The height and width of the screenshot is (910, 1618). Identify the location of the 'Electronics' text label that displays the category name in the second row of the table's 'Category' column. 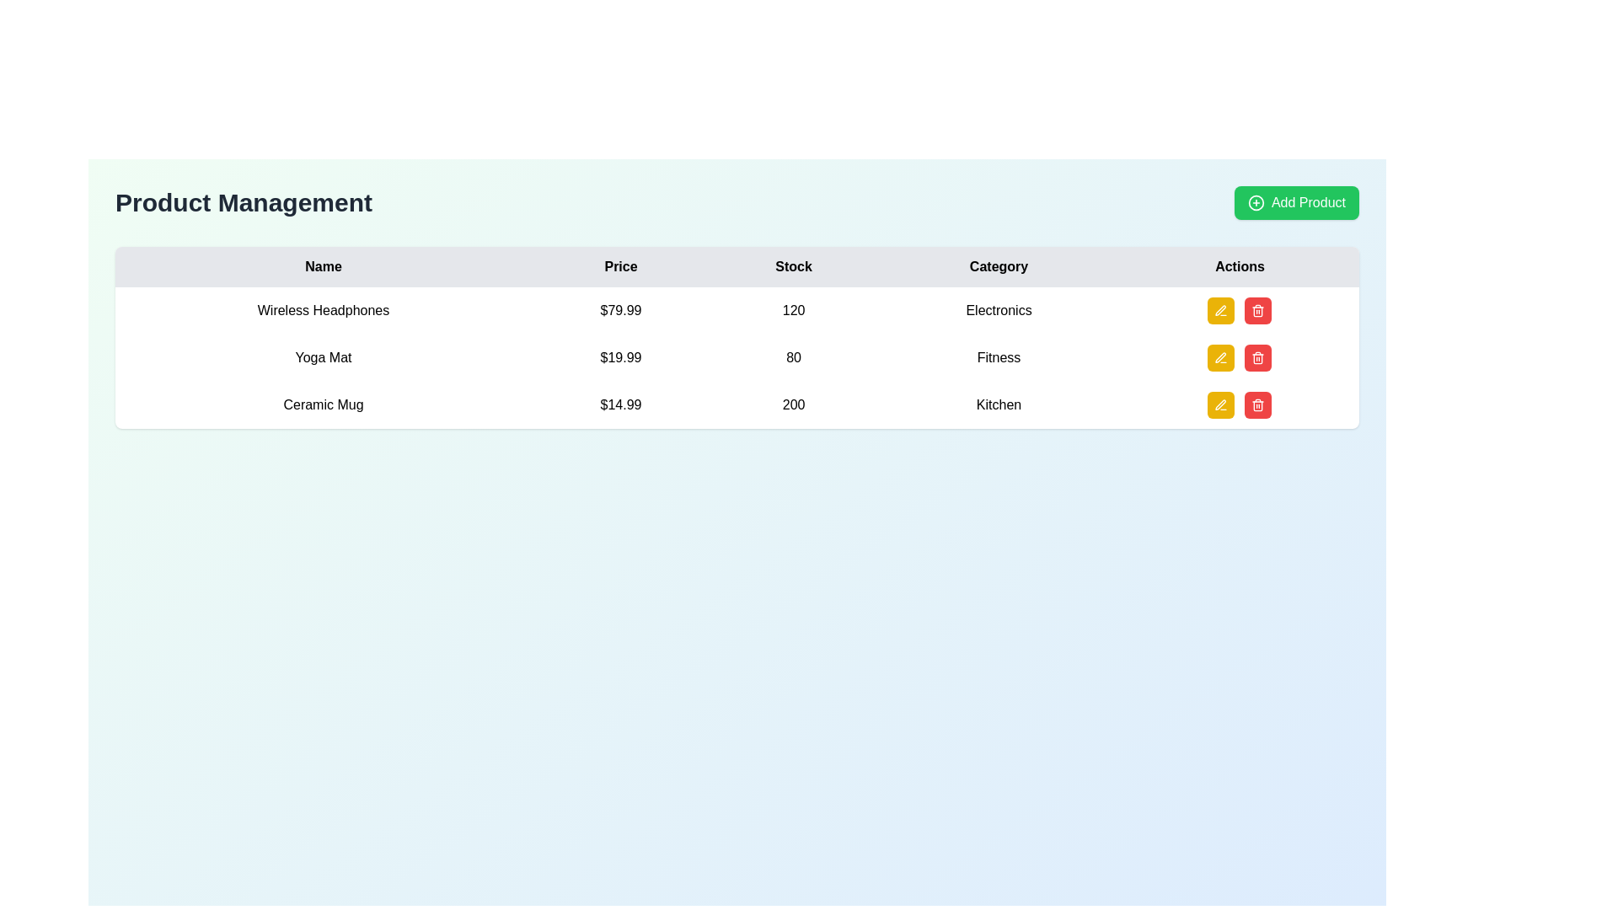
(999, 311).